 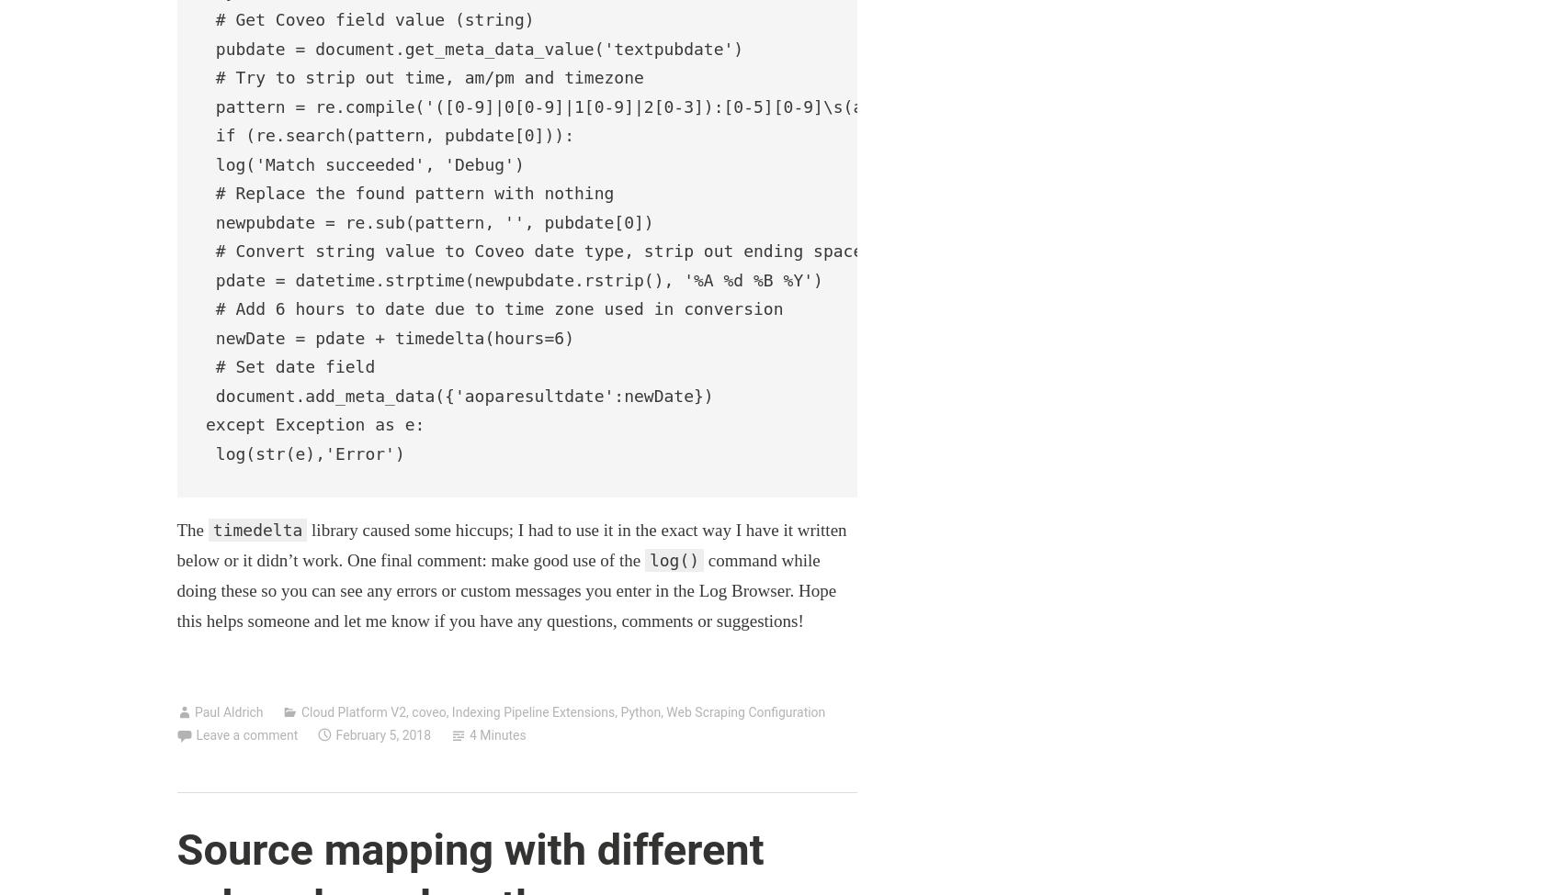 What do you see at coordinates (255, 528) in the screenshot?
I see `'timedelta'` at bounding box center [255, 528].